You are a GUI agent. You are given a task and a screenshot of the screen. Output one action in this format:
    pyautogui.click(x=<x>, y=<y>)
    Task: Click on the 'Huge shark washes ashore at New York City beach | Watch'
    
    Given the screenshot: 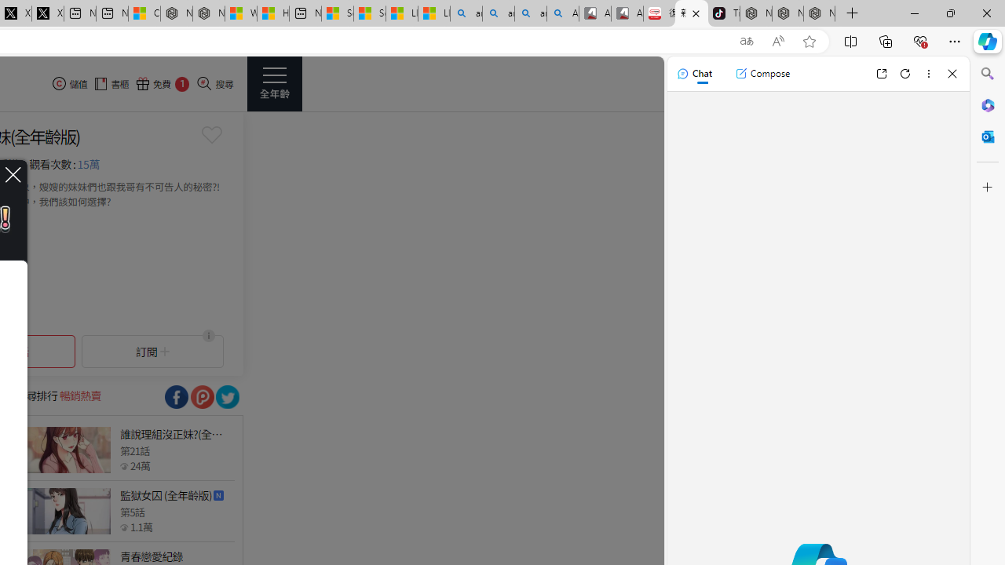 What is the action you would take?
    pyautogui.click(x=273, y=13)
    